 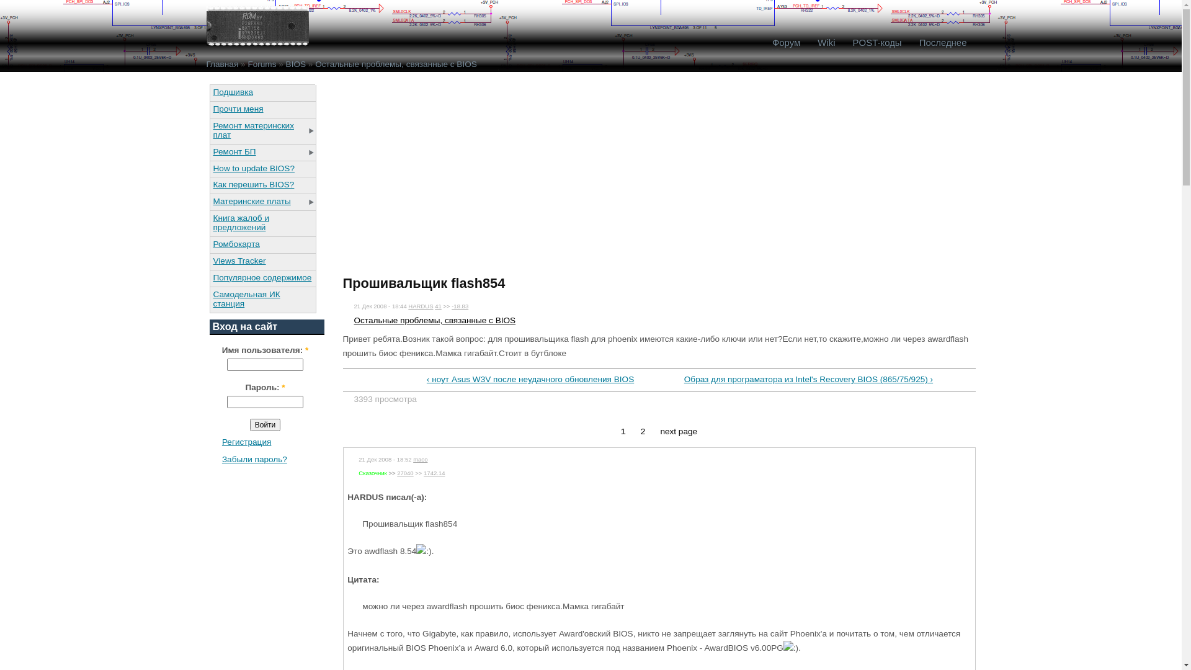 I want to click on 'ROM.by', so click(x=256, y=26).